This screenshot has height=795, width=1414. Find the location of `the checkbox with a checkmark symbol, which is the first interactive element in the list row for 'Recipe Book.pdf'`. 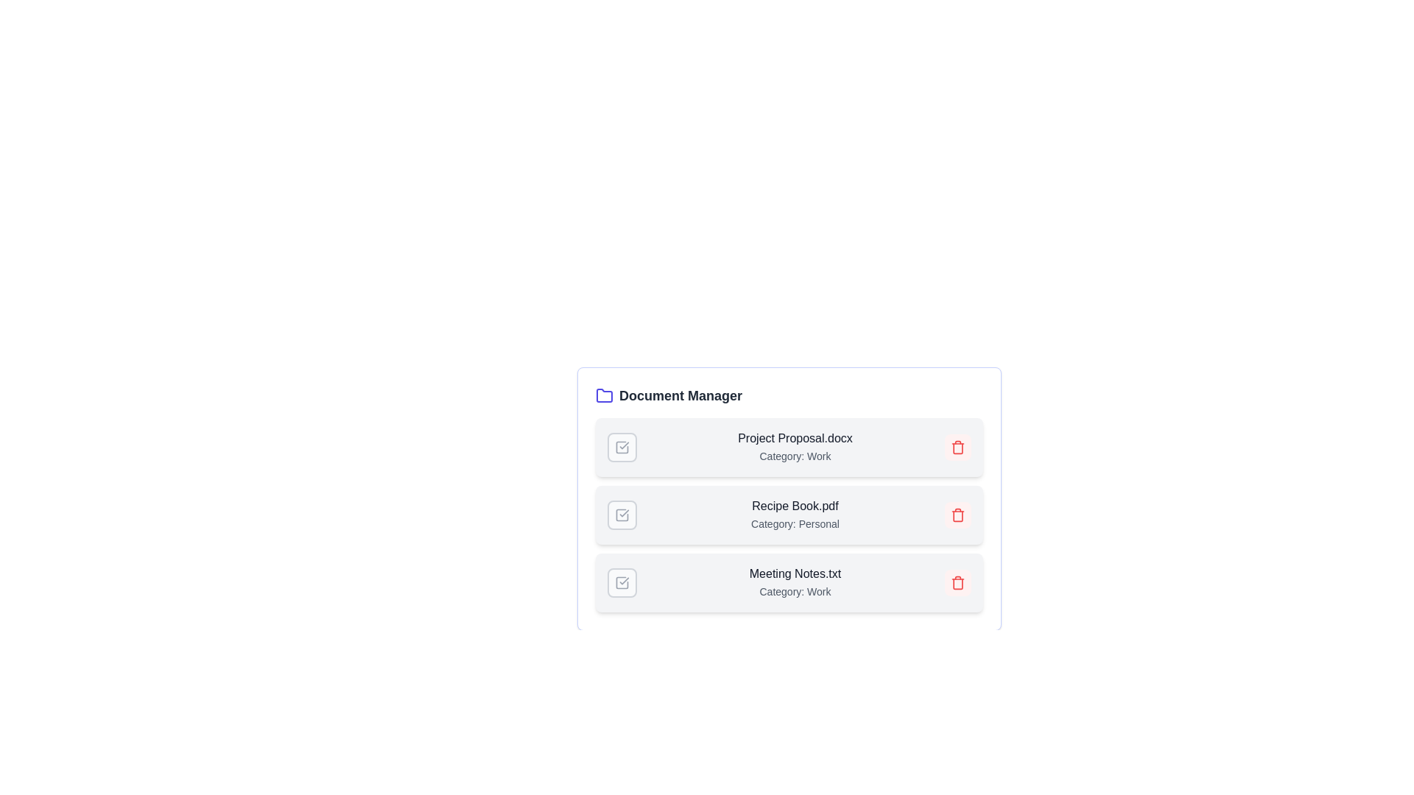

the checkbox with a checkmark symbol, which is the first interactive element in the list row for 'Recipe Book.pdf' is located at coordinates (622, 514).